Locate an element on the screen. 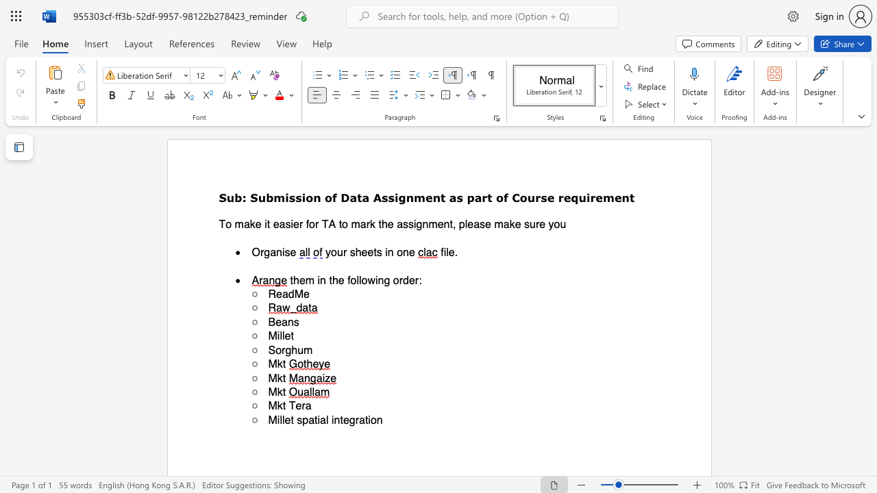 This screenshot has height=493, width=877. the 1th character "t" in the text is located at coordinates (291, 279).